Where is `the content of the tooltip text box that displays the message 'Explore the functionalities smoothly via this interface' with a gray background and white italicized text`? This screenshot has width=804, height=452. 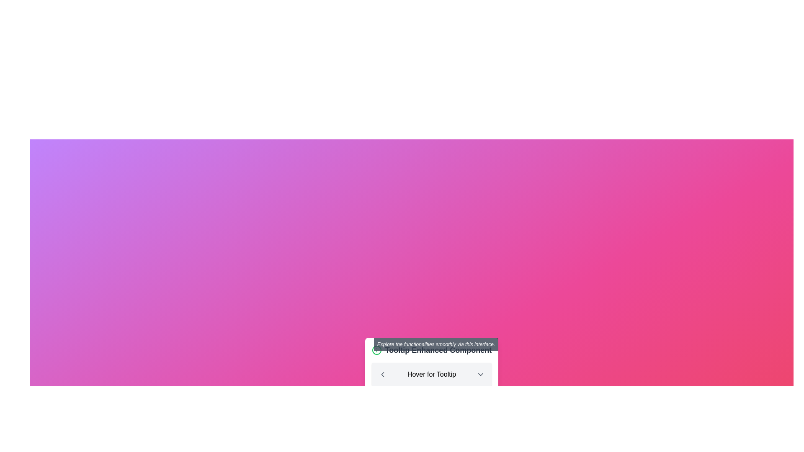
the content of the tooltip text box that displays the message 'Explore the functionalities smoothly via this interface' with a gray background and white italicized text is located at coordinates (435, 344).